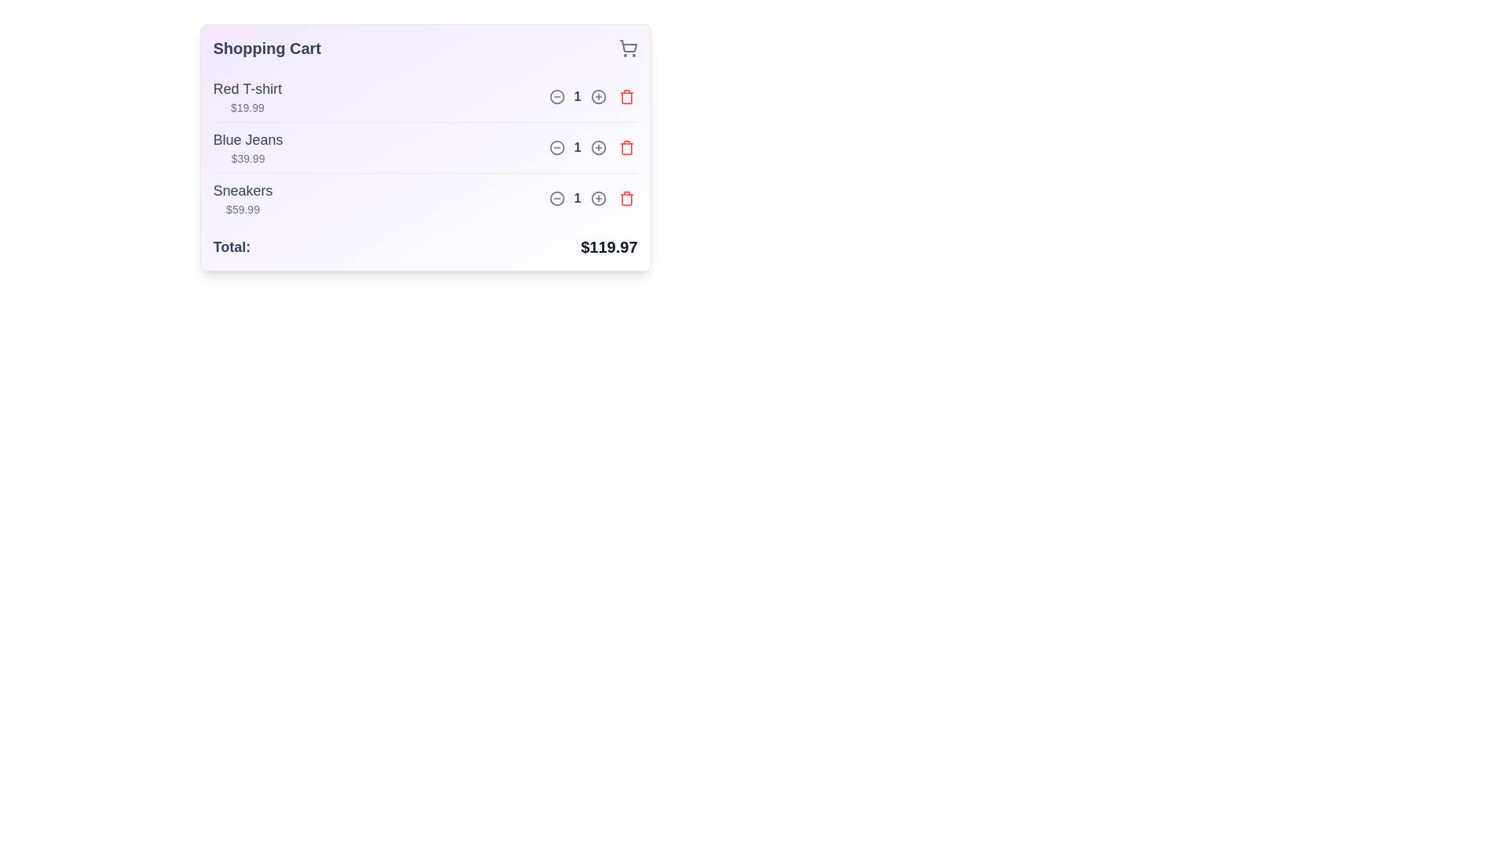  Describe the element at coordinates (597, 148) in the screenshot. I see `the button located in the second row of the shopping cart interface, next to the text '1' and before the red trash bin icon, to increase the item quantity` at that location.